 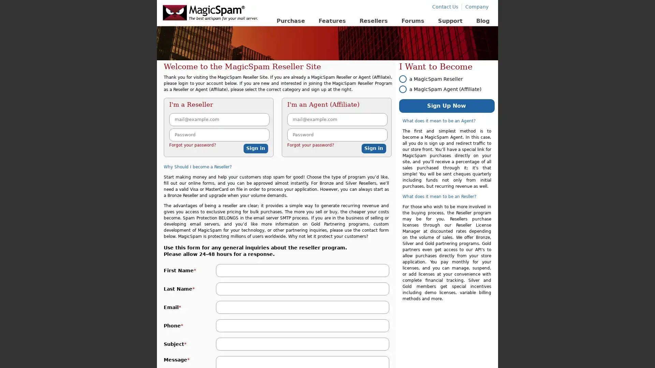 What do you see at coordinates (447, 105) in the screenshot?
I see `Sign Up Now` at bounding box center [447, 105].